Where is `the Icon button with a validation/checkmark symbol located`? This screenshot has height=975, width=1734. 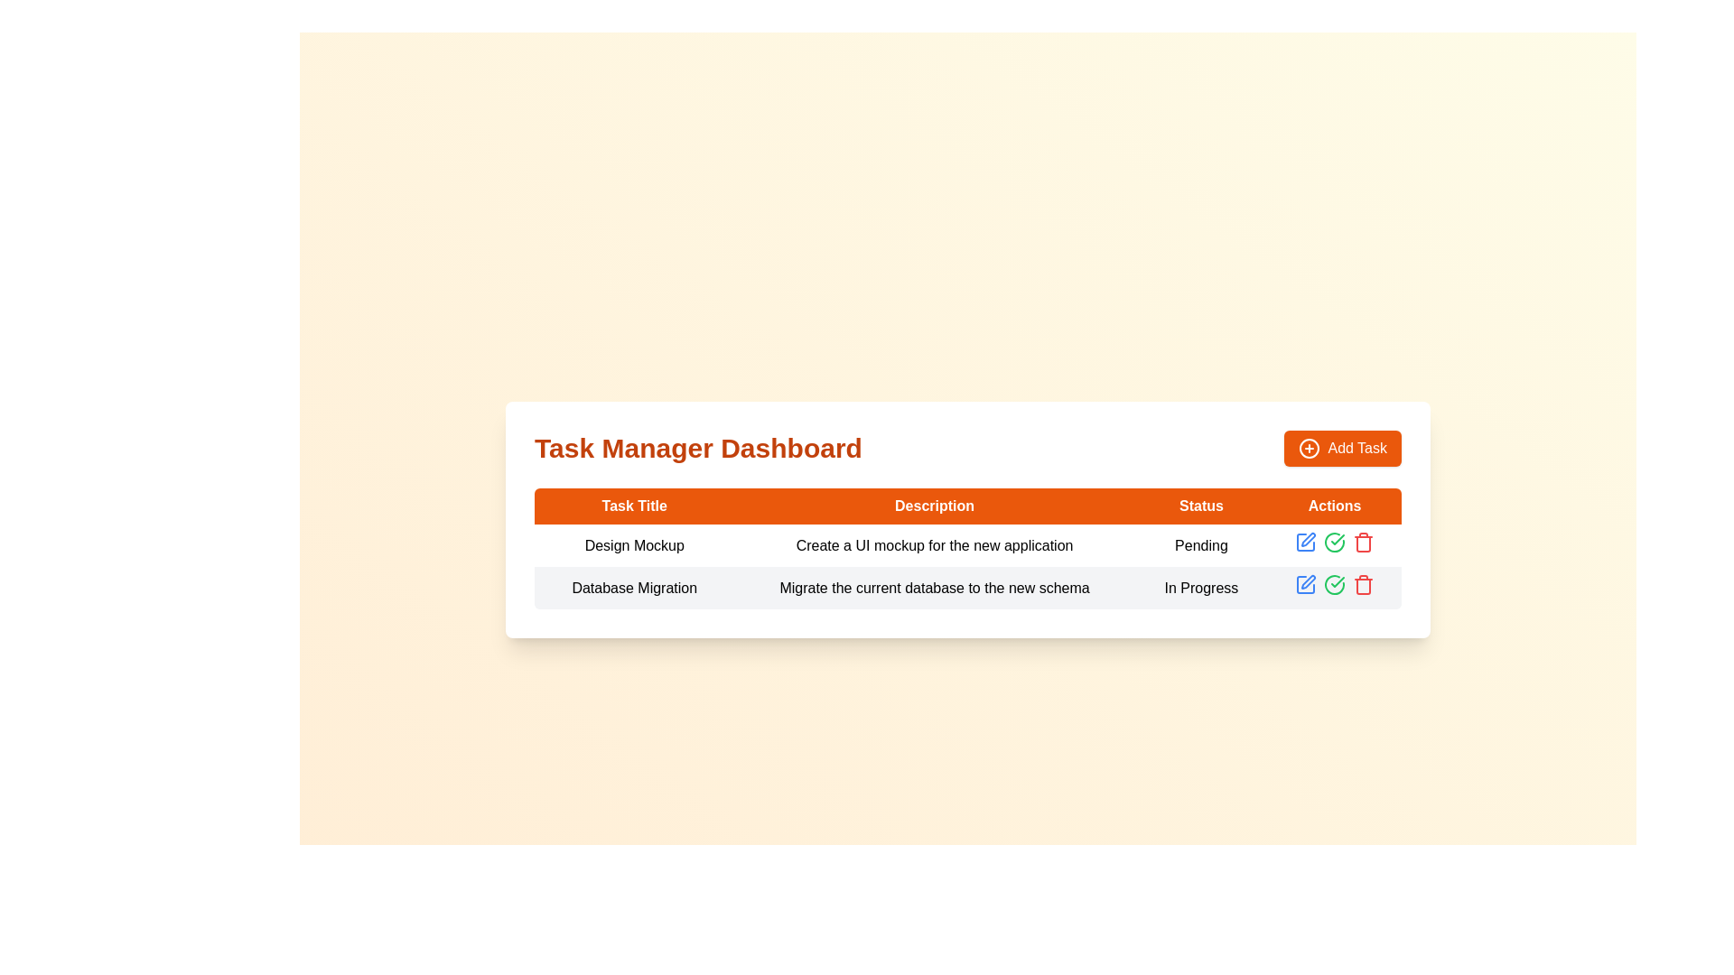 the Icon button with a validation/checkmark symbol located is located at coordinates (1335, 588).